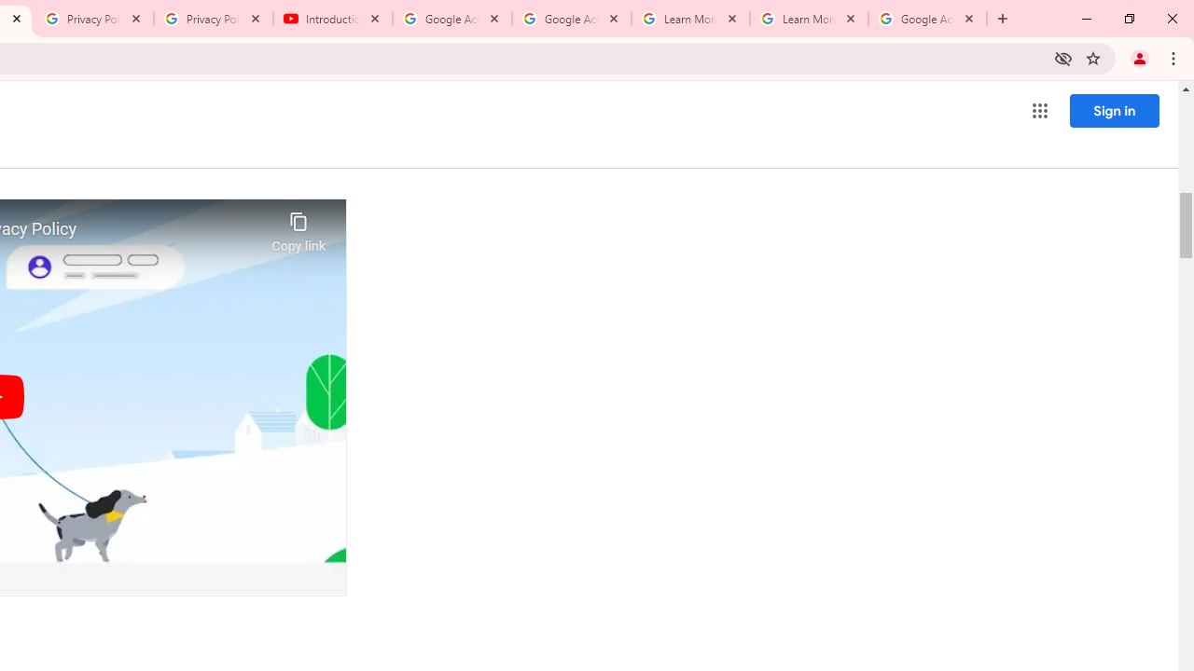  Describe the element at coordinates (333, 19) in the screenshot. I see `'Introduction | Google Privacy Policy - YouTube'` at that location.